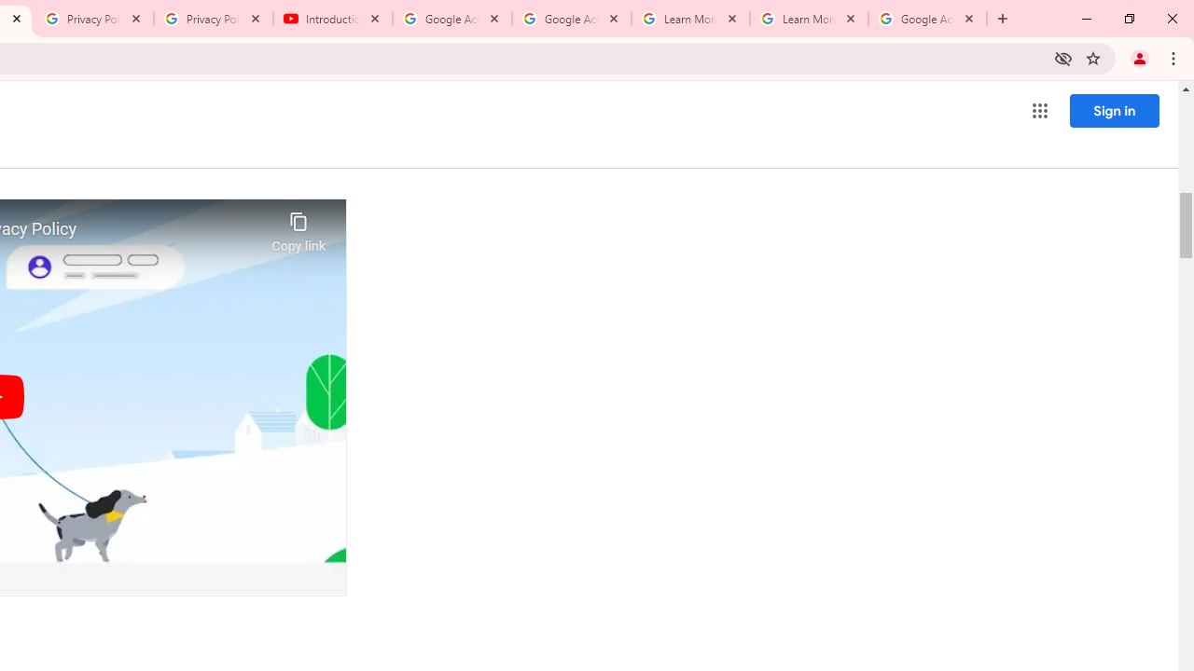  Describe the element at coordinates (333, 19) in the screenshot. I see `'Introduction | Google Privacy Policy - YouTube'` at that location.